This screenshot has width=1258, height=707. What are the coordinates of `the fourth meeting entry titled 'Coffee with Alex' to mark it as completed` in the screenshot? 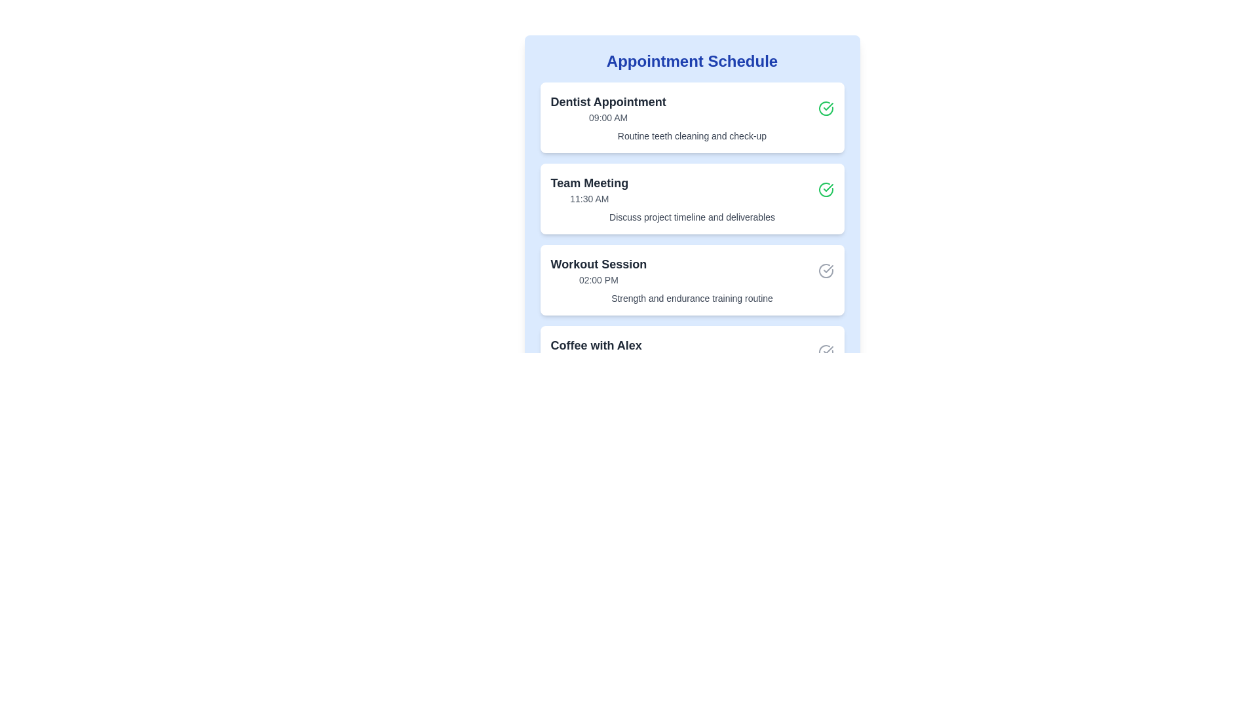 It's located at (691, 351).